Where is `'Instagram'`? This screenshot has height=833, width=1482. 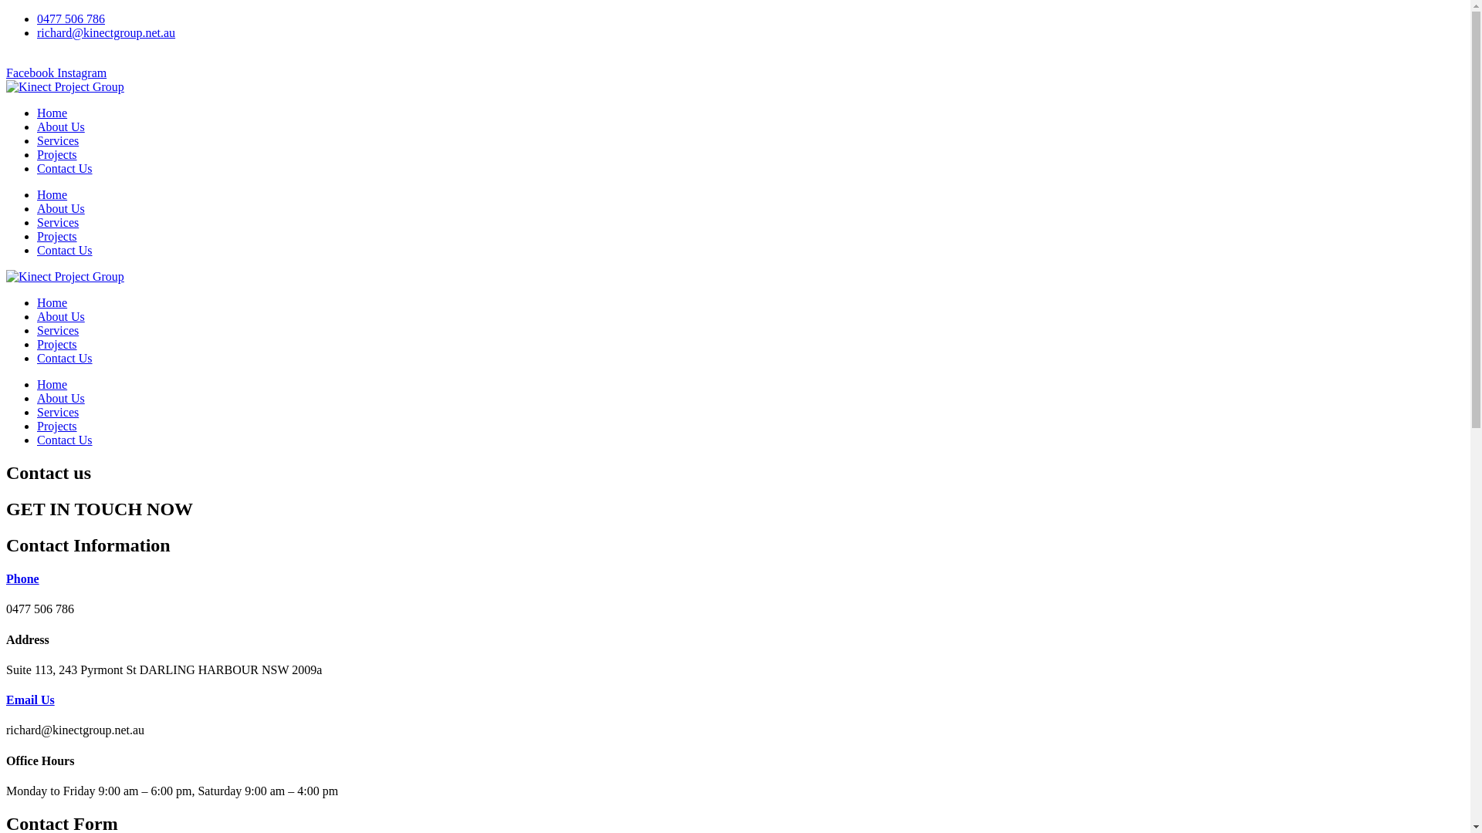
'Instagram' is located at coordinates (56, 73).